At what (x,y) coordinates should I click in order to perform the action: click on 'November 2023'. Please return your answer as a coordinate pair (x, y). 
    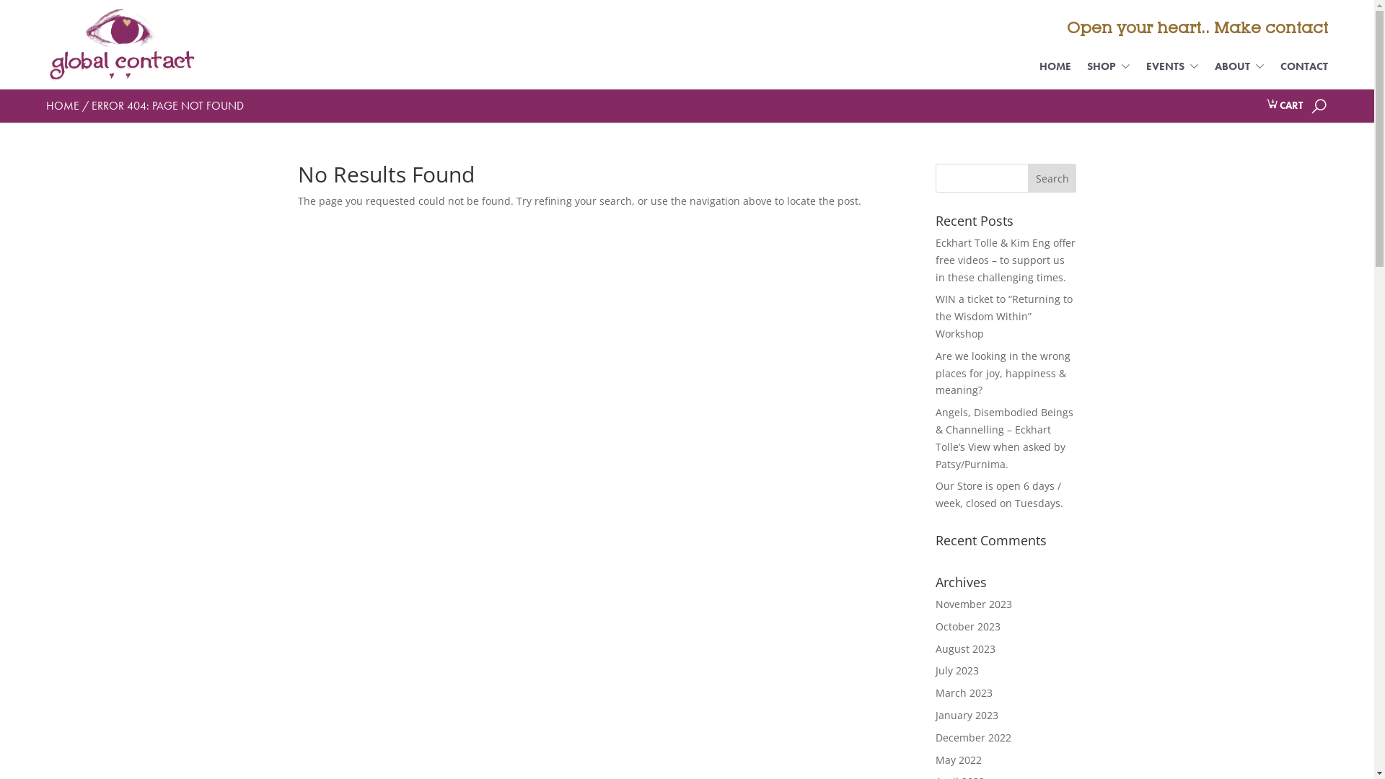
    Looking at the image, I should click on (973, 604).